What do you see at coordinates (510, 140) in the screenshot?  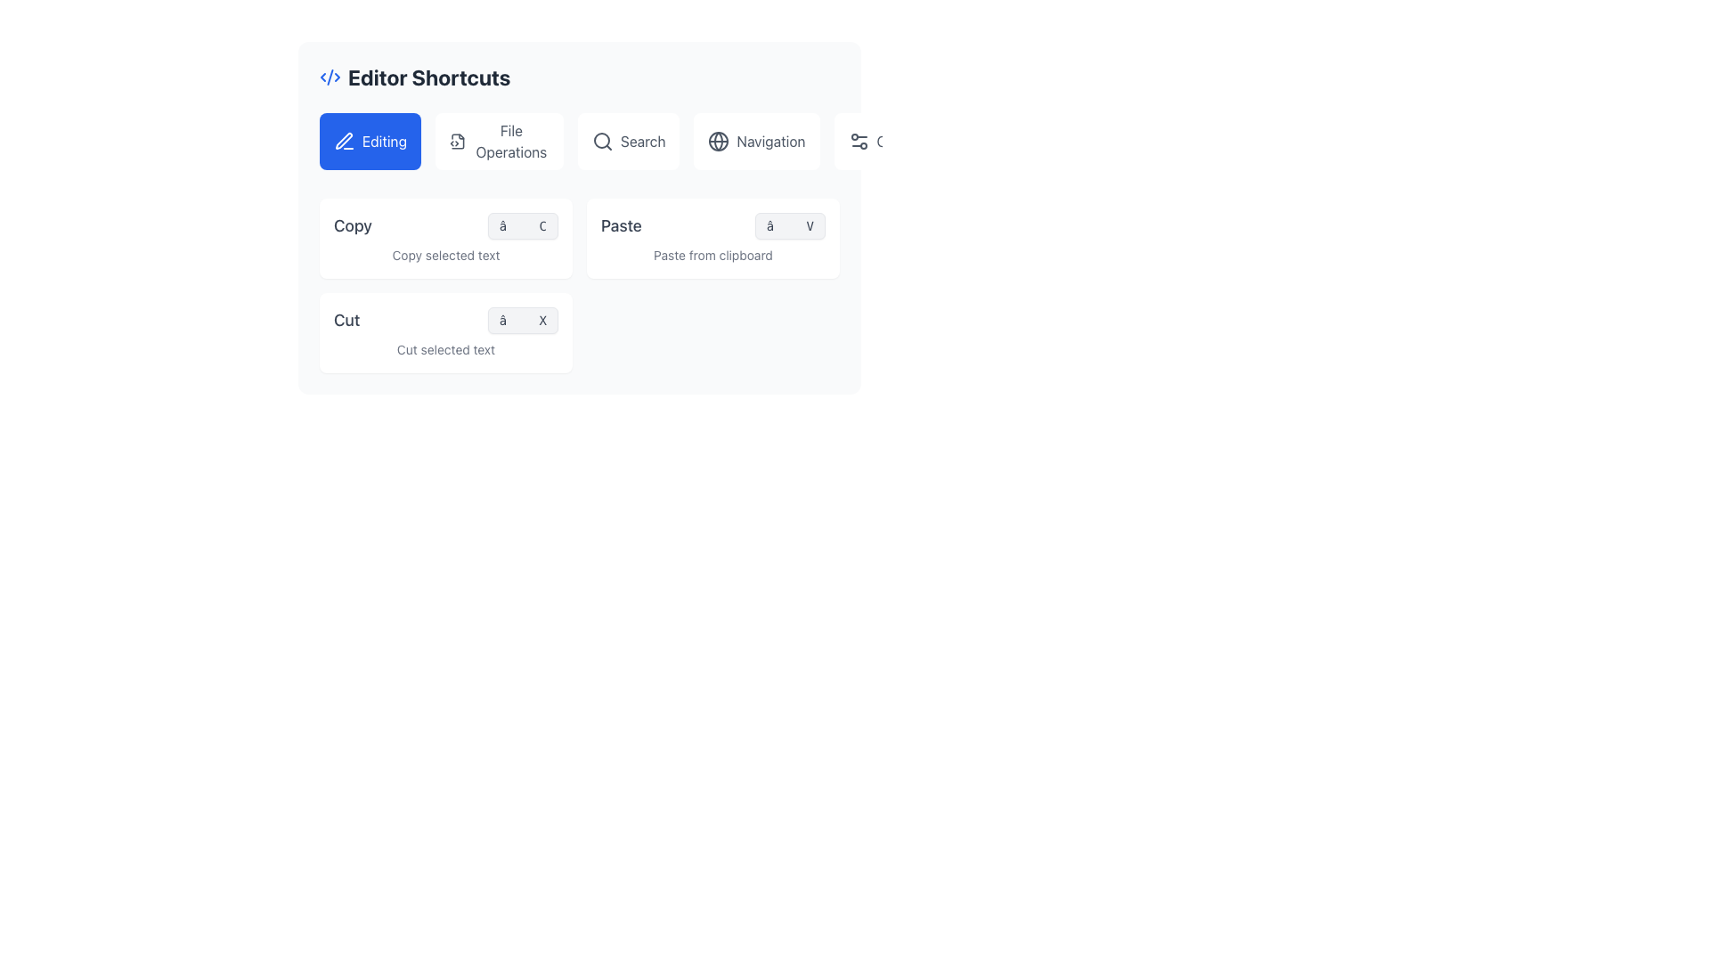 I see `the 'File Operations' text label, which is the second element in the group below the 'Editor Shortcuts' header, positioned between the 'Editing' button and the 'Search' button` at bounding box center [510, 140].